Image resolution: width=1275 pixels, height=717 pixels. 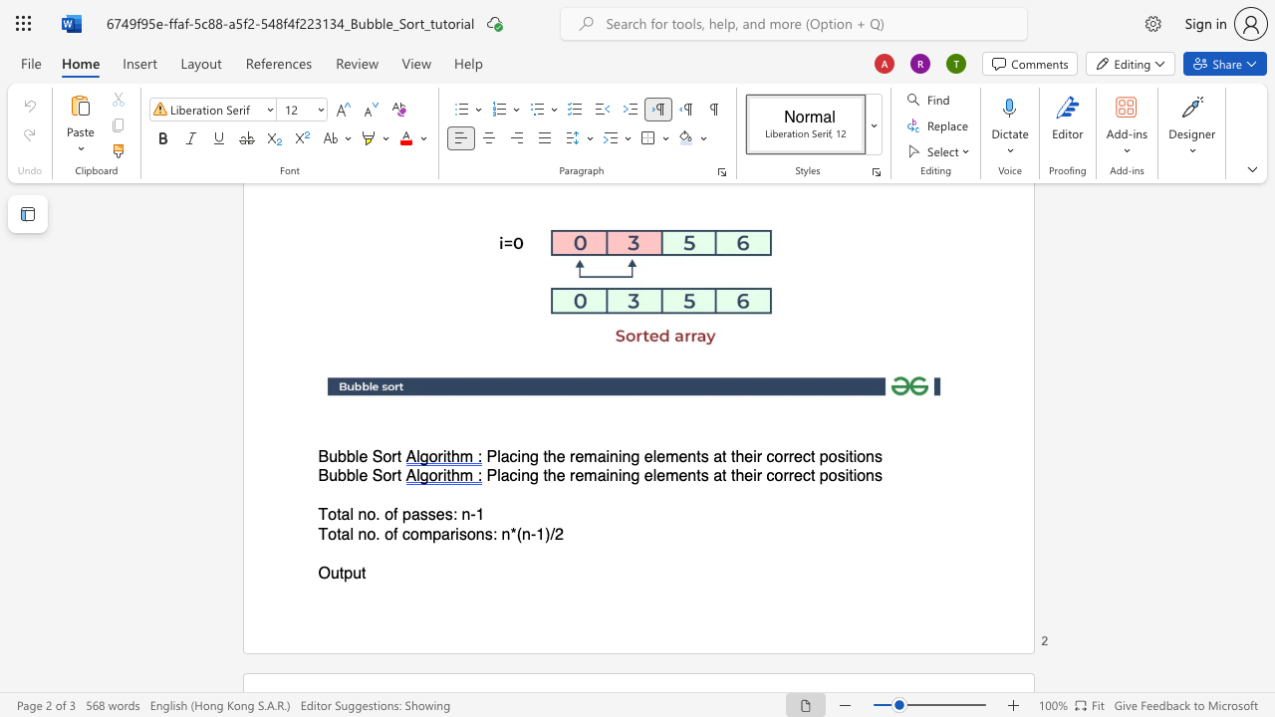 I want to click on the 1th character "c" in the text, so click(x=513, y=476).